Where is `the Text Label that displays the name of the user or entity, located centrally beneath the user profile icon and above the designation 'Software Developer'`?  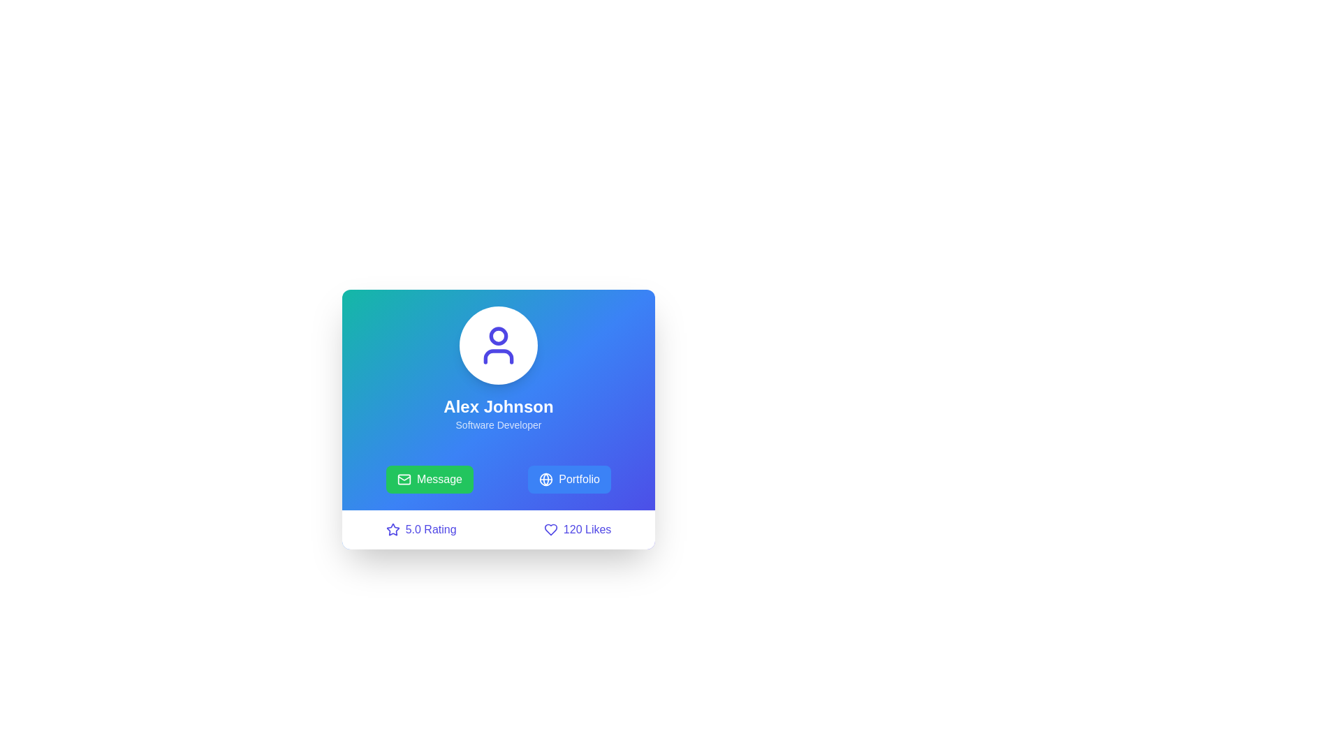 the Text Label that displays the name of the user or entity, located centrally beneath the user profile icon and above the designation 'Software Developer' is located at coordinates (499, 406).